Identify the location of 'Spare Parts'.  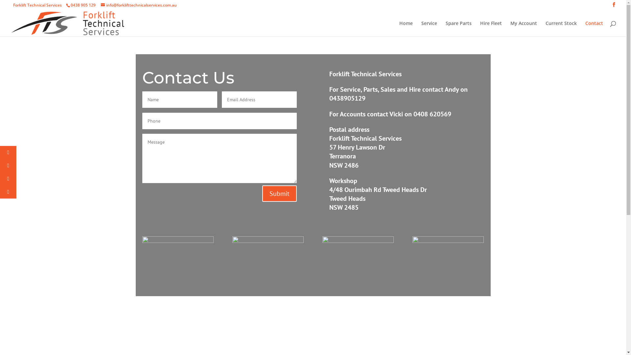
(458, 28).